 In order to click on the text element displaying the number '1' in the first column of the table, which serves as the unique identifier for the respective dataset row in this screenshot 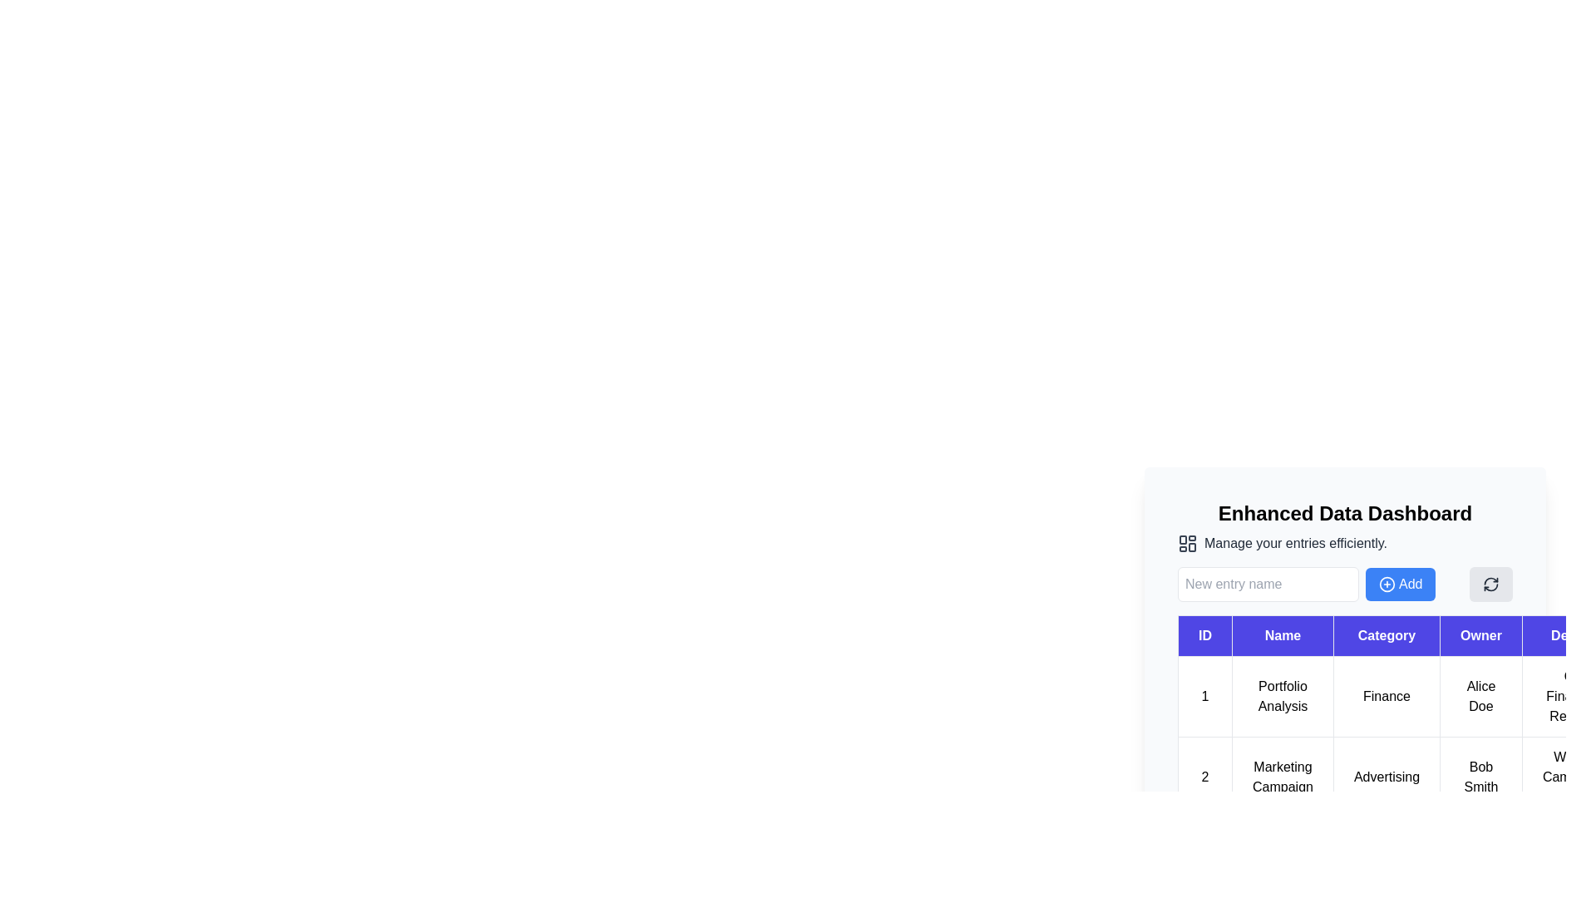, I will do `click(1204, 696)`.